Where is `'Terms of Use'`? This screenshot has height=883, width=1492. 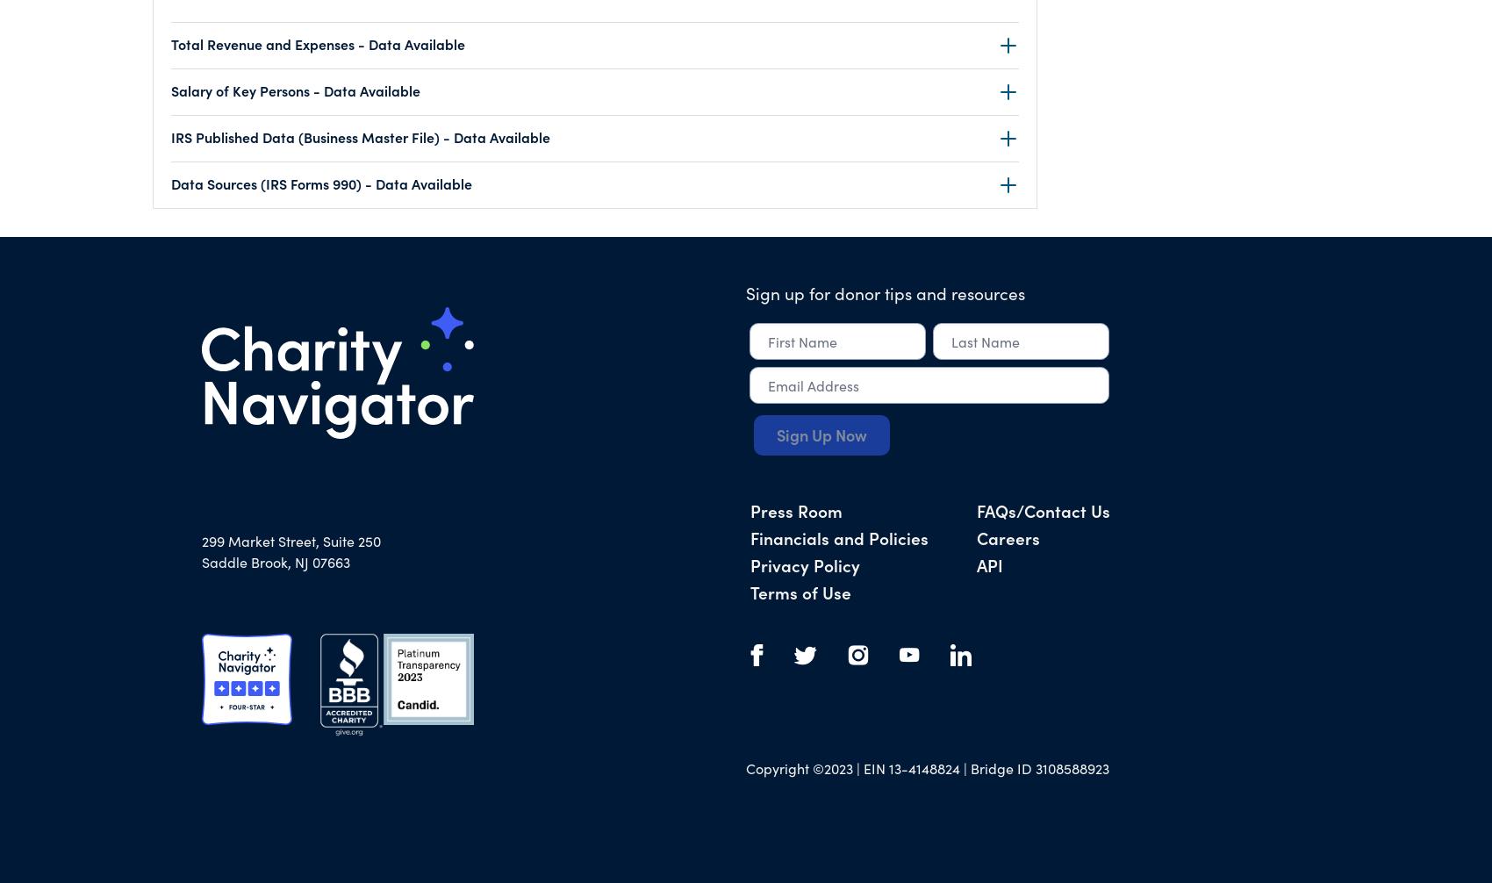
'Terms of Use' is located at coordinates (800, 592).